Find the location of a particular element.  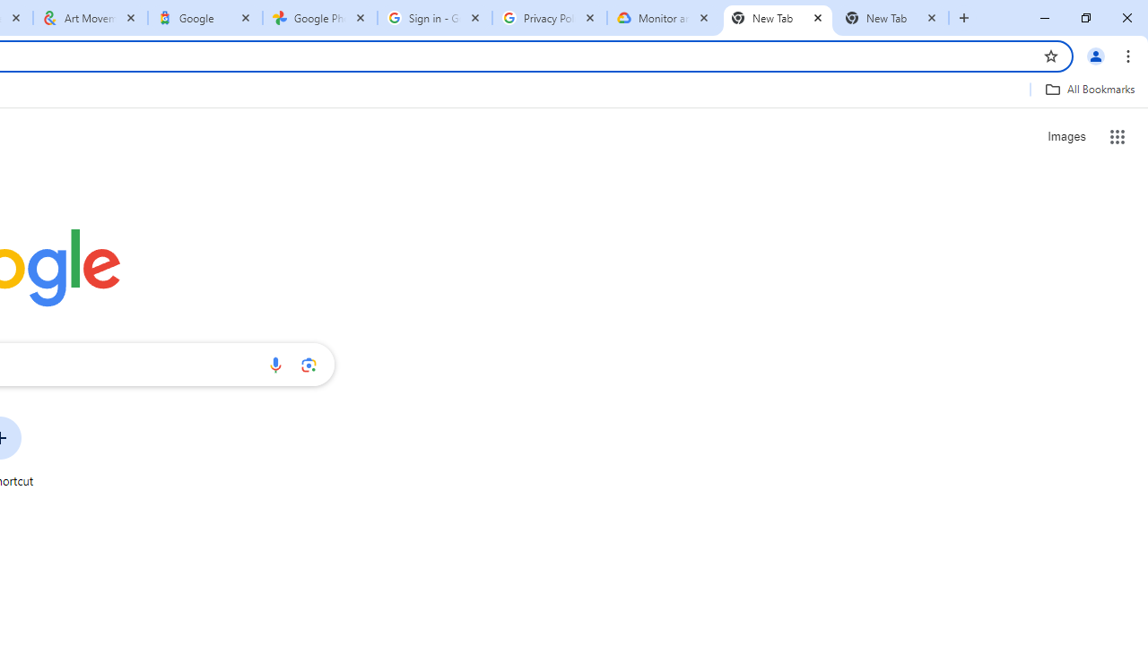

'Sign in - Google Accounts' is located at coordinates (435, 18).